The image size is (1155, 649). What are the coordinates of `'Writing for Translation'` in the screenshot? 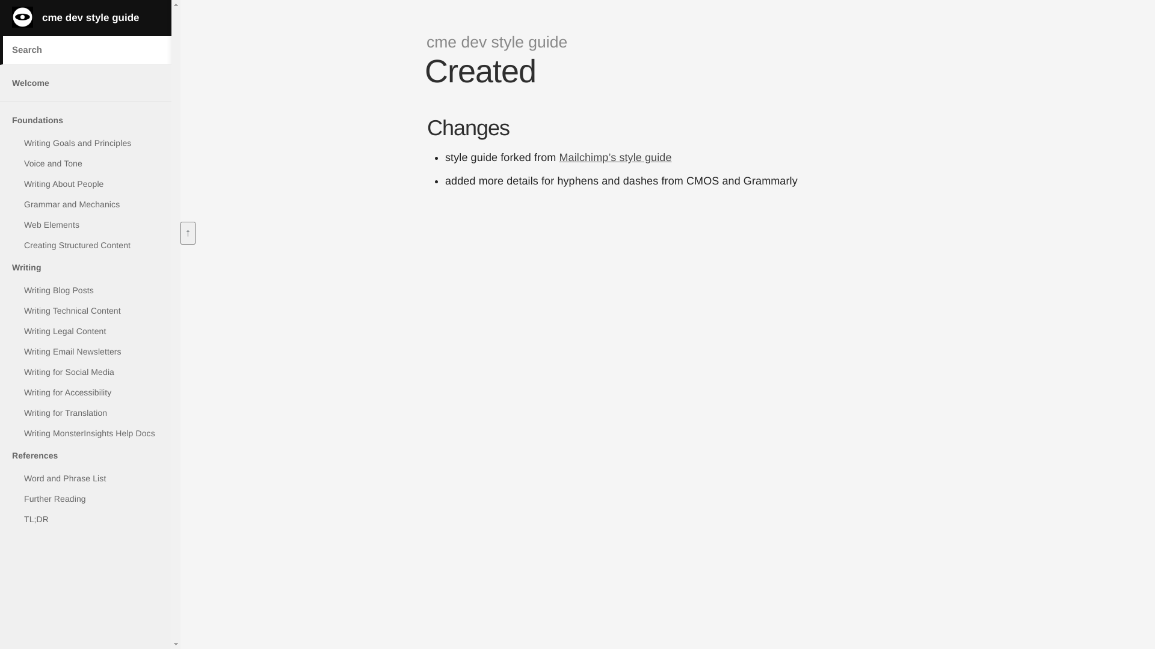 It's located at (85, 412).